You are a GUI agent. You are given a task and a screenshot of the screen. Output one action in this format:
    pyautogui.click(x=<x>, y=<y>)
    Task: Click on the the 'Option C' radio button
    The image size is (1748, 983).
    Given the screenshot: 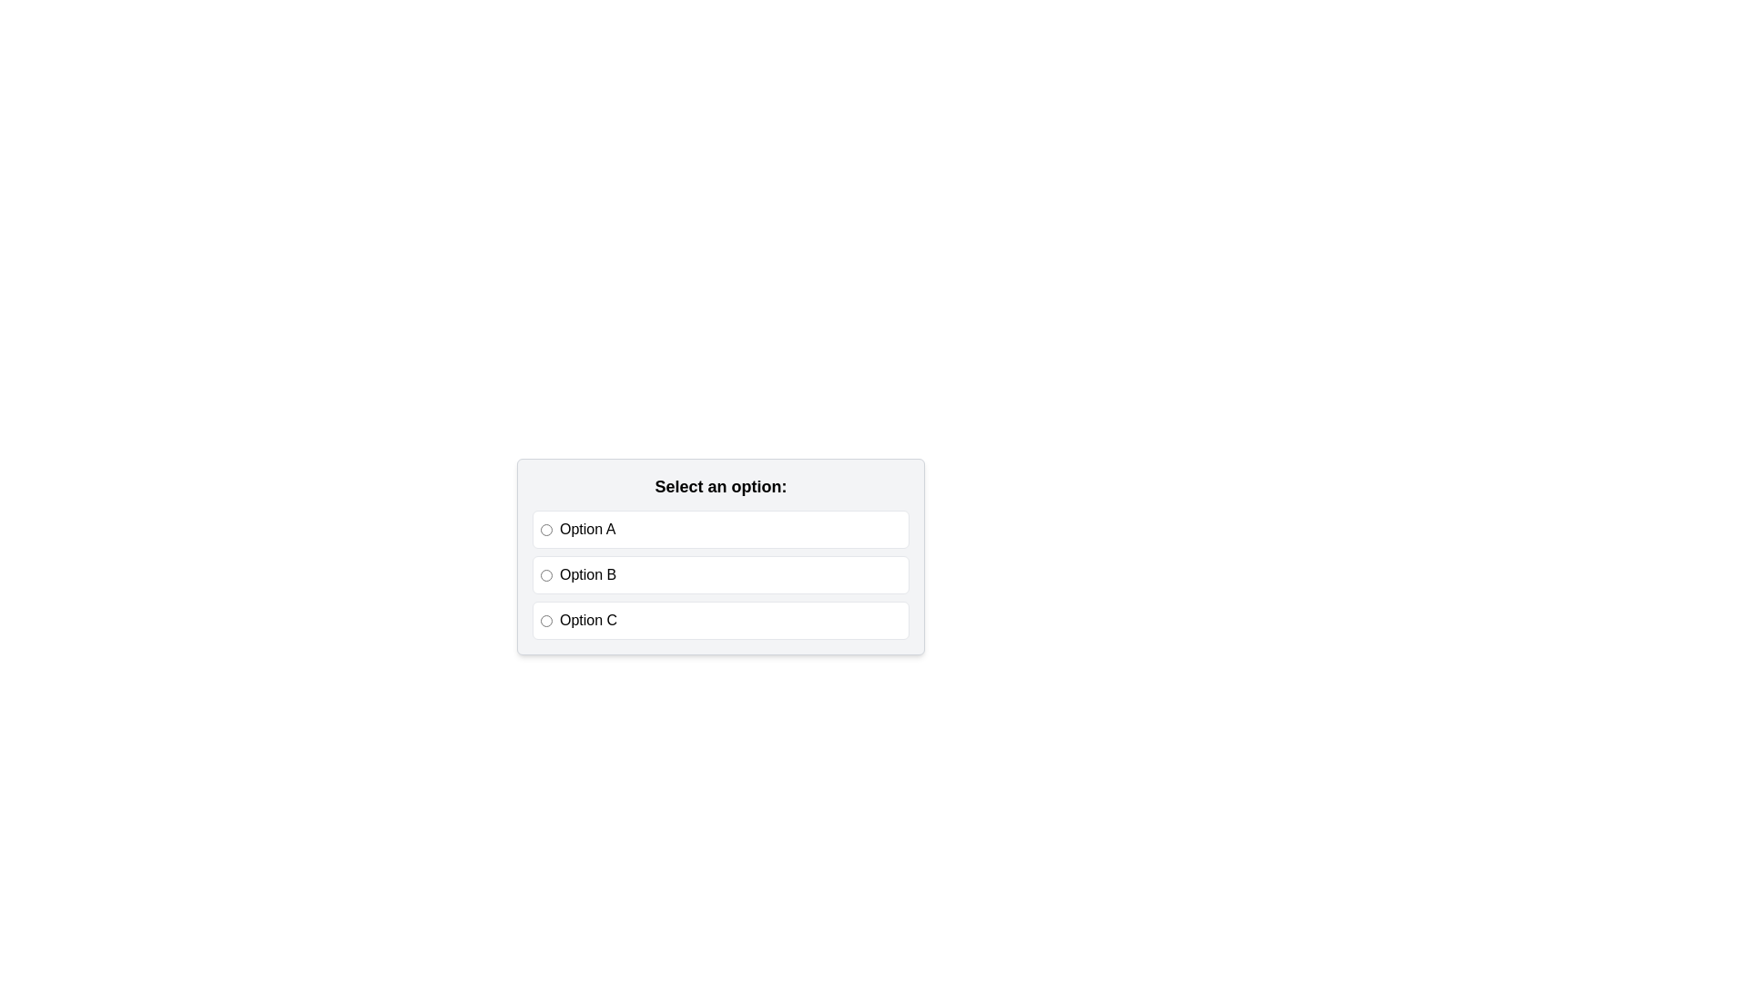 What is the action you would take?
    pyautogui.click(x=720, y=620)
    